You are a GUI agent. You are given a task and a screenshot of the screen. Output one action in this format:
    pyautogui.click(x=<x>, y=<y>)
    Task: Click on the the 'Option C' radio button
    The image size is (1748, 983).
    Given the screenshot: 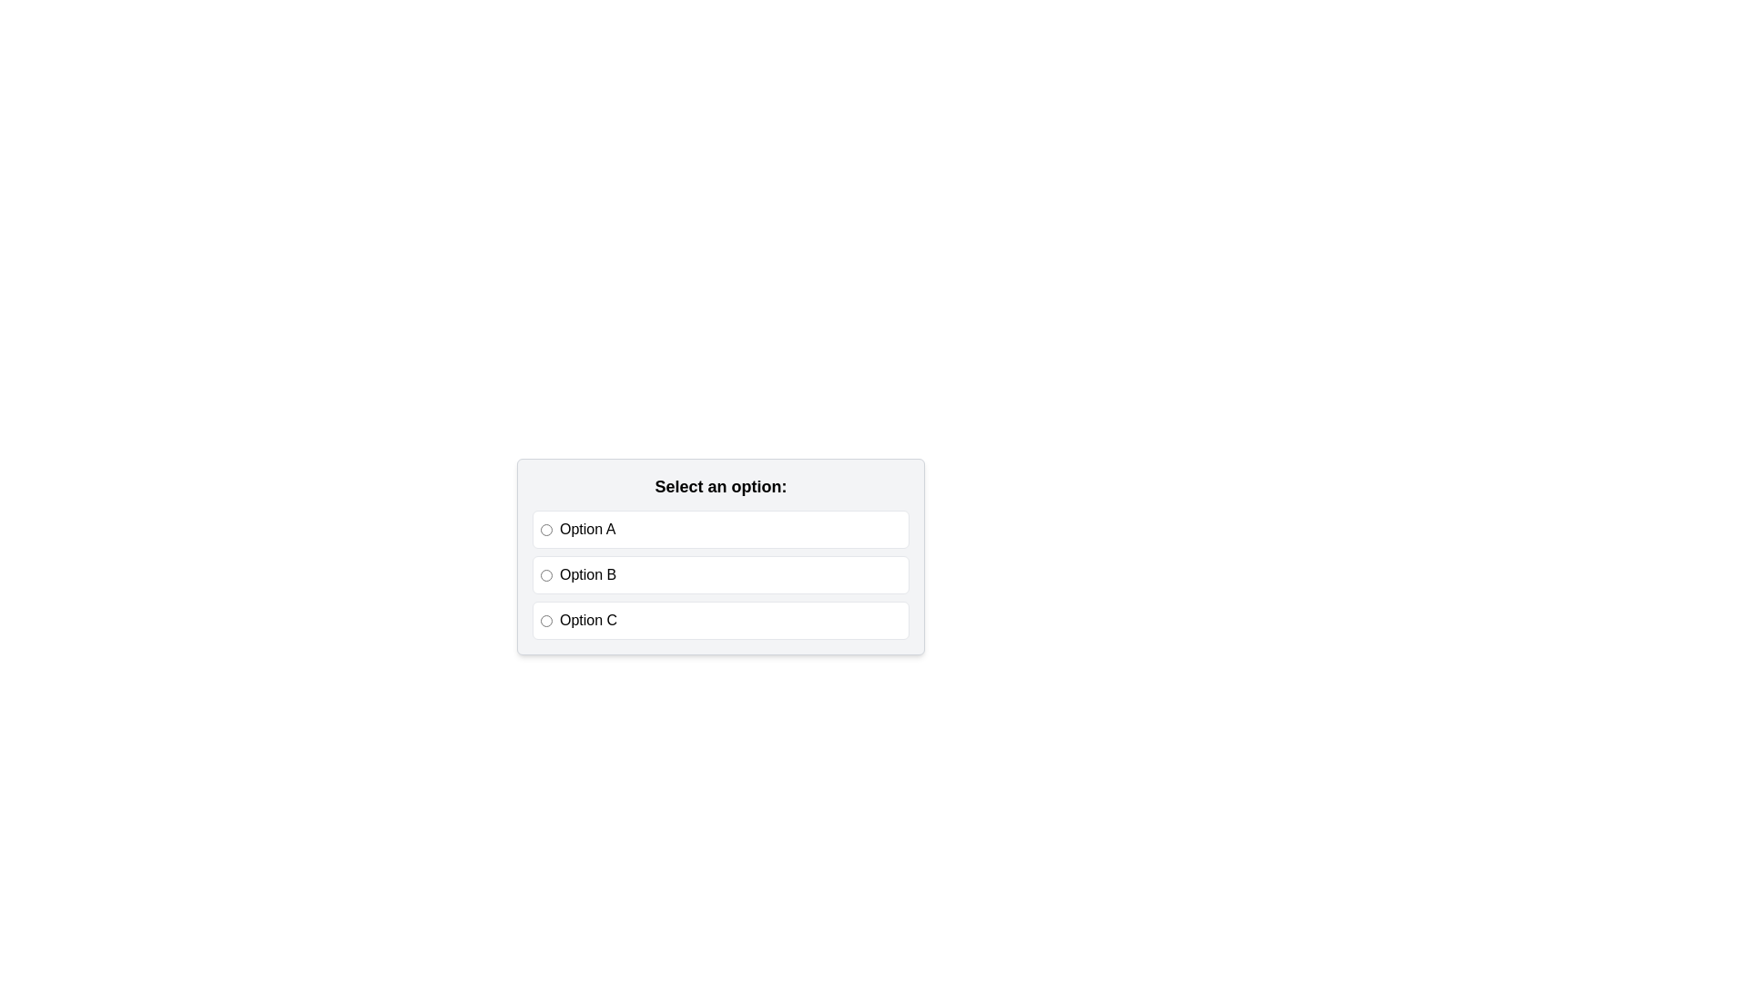 What is the action you would take?
    pyautogui.click(x=720, y=620)
    